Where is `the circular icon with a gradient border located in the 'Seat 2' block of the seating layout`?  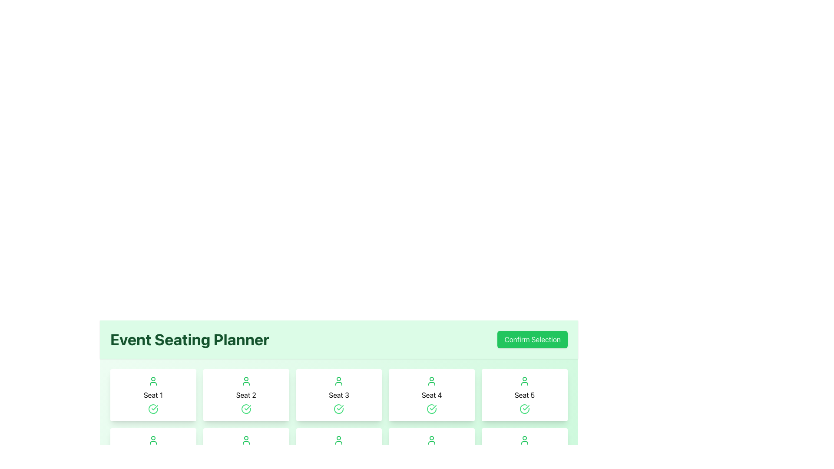
the circular icon with a gradient border located in the 'Seat 2' block of the seating layout is located at coordinates (245, 409).